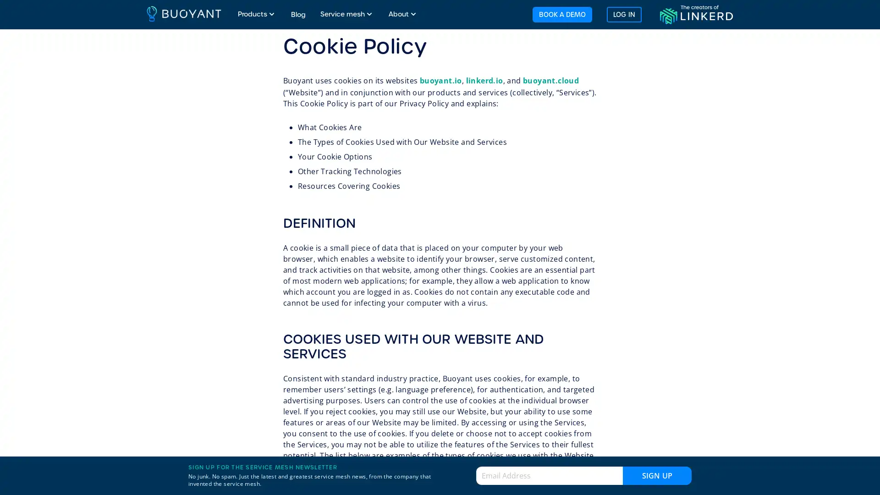 This screenshot has height=495, width=880. I want to click on Sign up, so click(657, 475).